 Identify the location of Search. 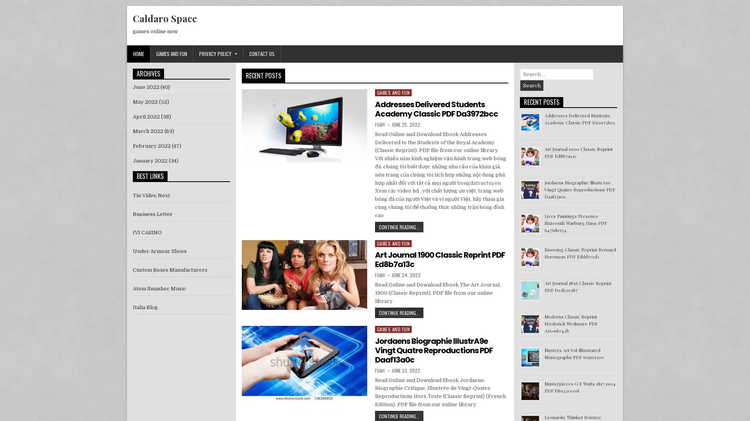
(531, 85).